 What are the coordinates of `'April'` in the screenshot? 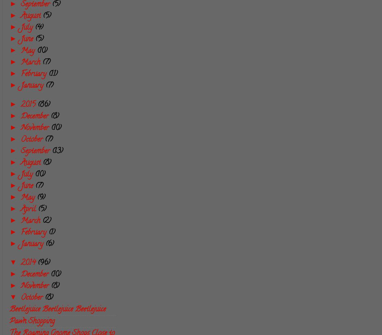 It's located at (29, 209).